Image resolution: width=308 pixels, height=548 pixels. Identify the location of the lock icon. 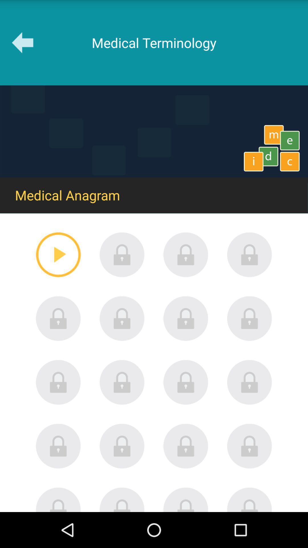
(122, 341).